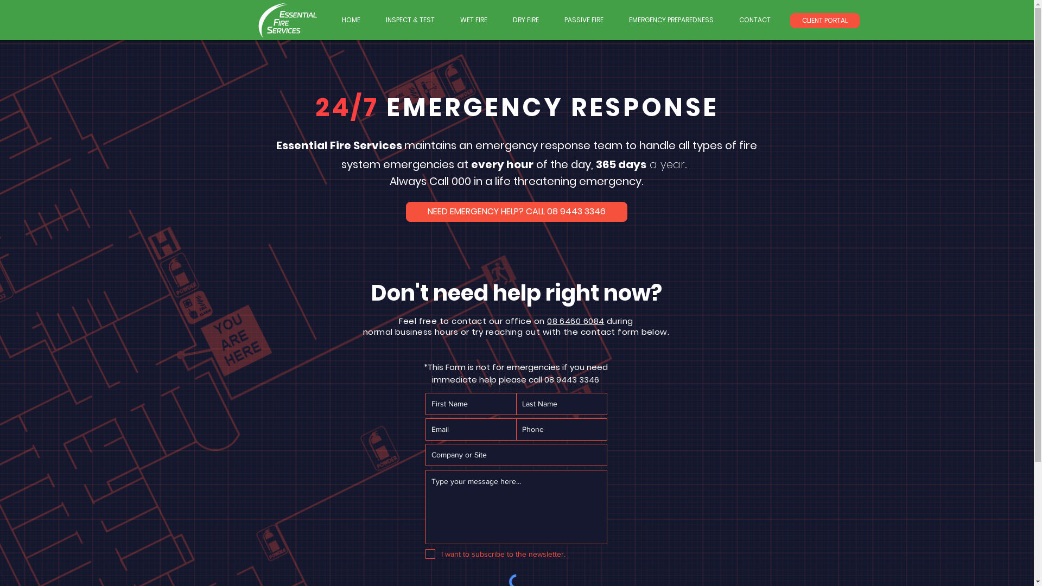 The height and width of the screenshot is (586, 1042). Describe the element at coordinates (671, 20) in the screenshot. I see `'EMERGENCY PREPAREDNESS'` at that location.